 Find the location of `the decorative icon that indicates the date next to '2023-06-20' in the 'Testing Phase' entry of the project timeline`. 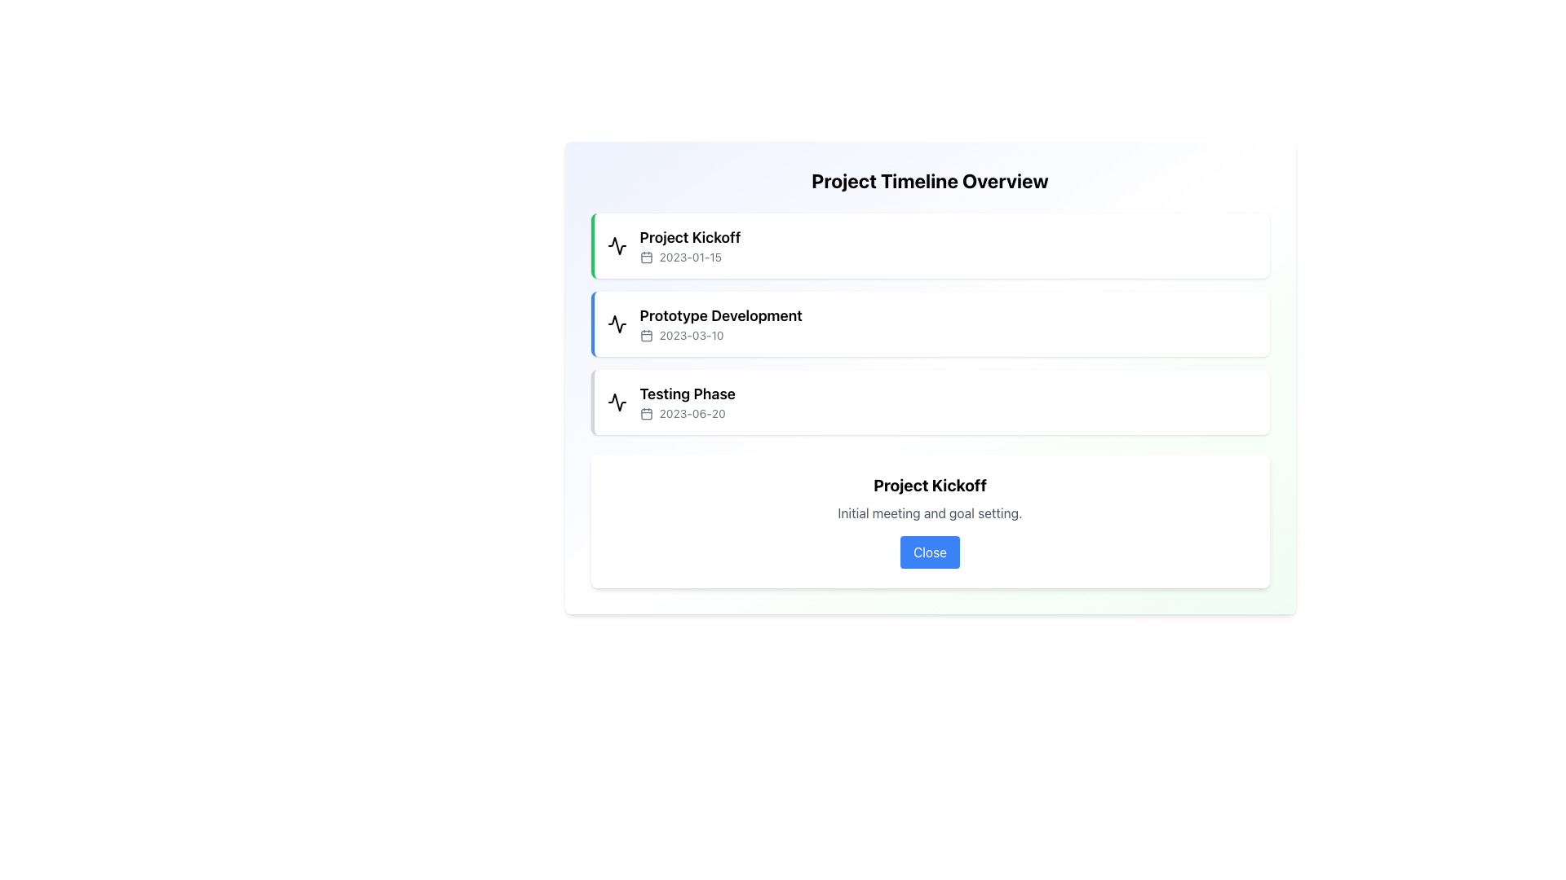

the decorative icon that indicates the date next to '2023-06-20' in the 'Testing Phase' entry of the project timeline is located at coordinates (645, 413).